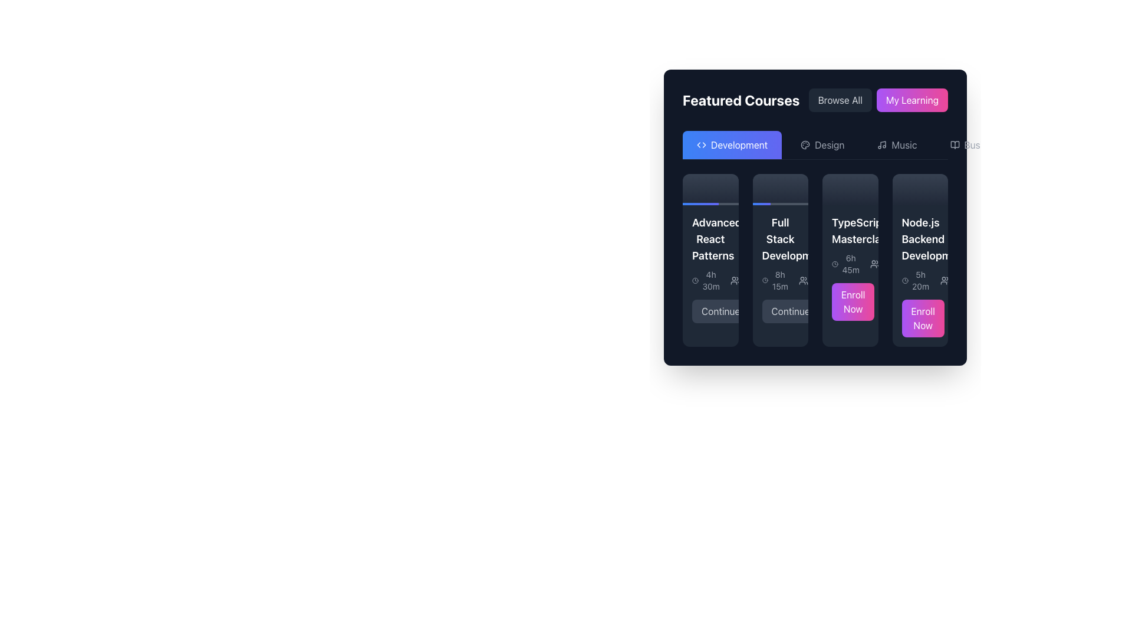  What do you see at coordinates (955, 145) in the screenshot?
I see `the graphic icon located in the top-right section of the interface, which serves as a visual cue or separator near navigation items or category labels` at bounding box center [955, 145].